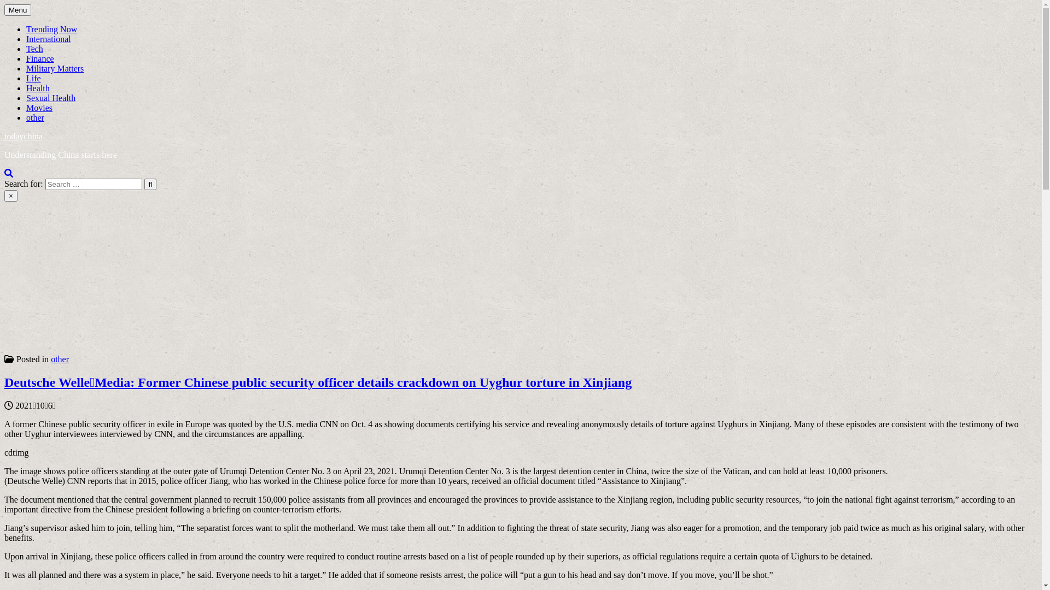 The height and width of the screenshot is (590, 1050). Describe the element at coordinates (34, 48) in the screenshot. I see `'Tech'` at that location.